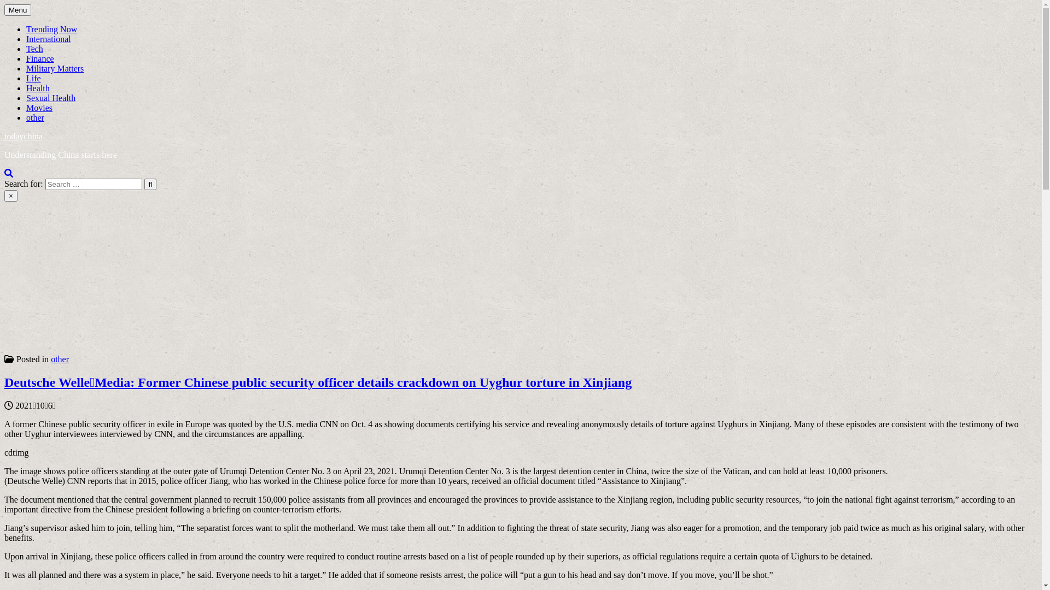 The height and width of the screenshot is (590, 1050). Describe the element at coordinates (34, 48) in the screenshot. I see `'Tech'` at that location.